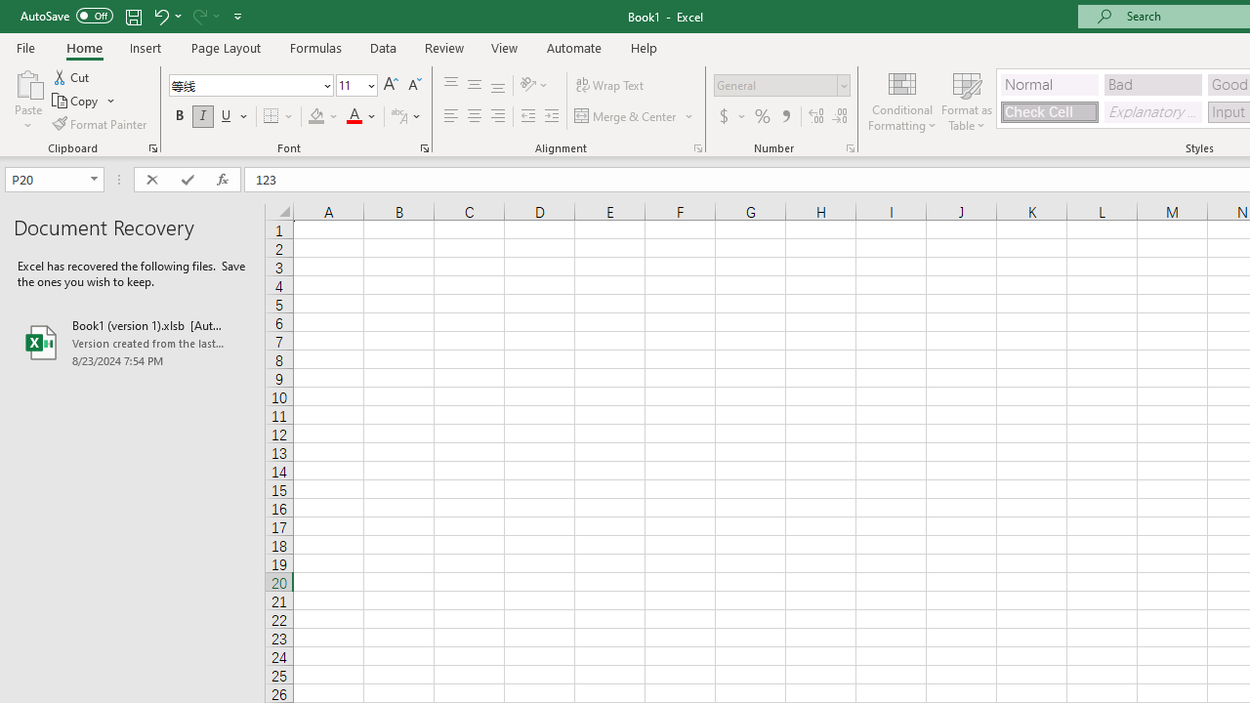  What do you see at coordinates (450, 84) in the screenshot?
I see `'Top Align'` at bounding box center [450, 84].